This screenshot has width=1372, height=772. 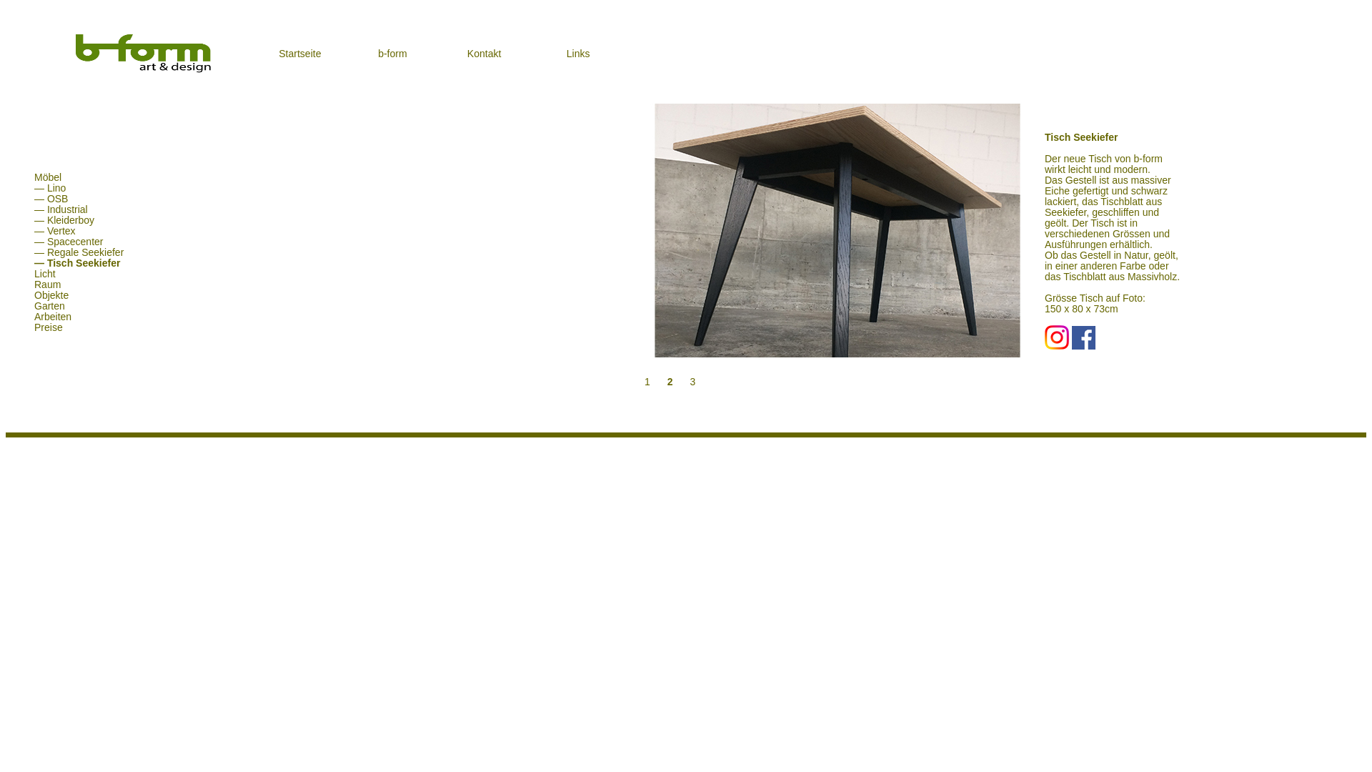 What do you see at coordinates (484, 52) in the screenshot?
I see `'Kontakt'` at bounding box center [484, 52].